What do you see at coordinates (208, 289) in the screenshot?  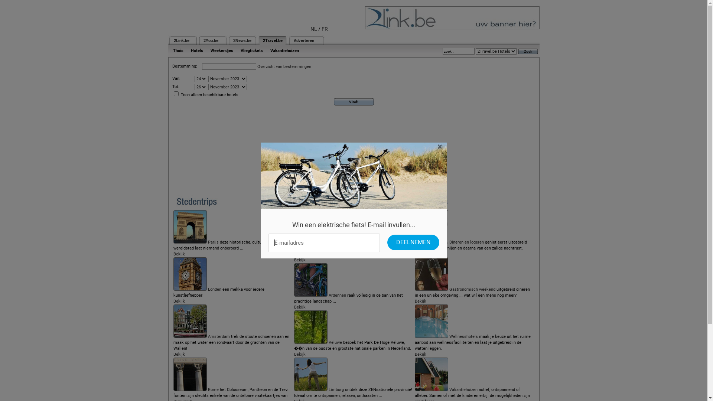 I see `'Londen'` at bounding box center [208, 289].